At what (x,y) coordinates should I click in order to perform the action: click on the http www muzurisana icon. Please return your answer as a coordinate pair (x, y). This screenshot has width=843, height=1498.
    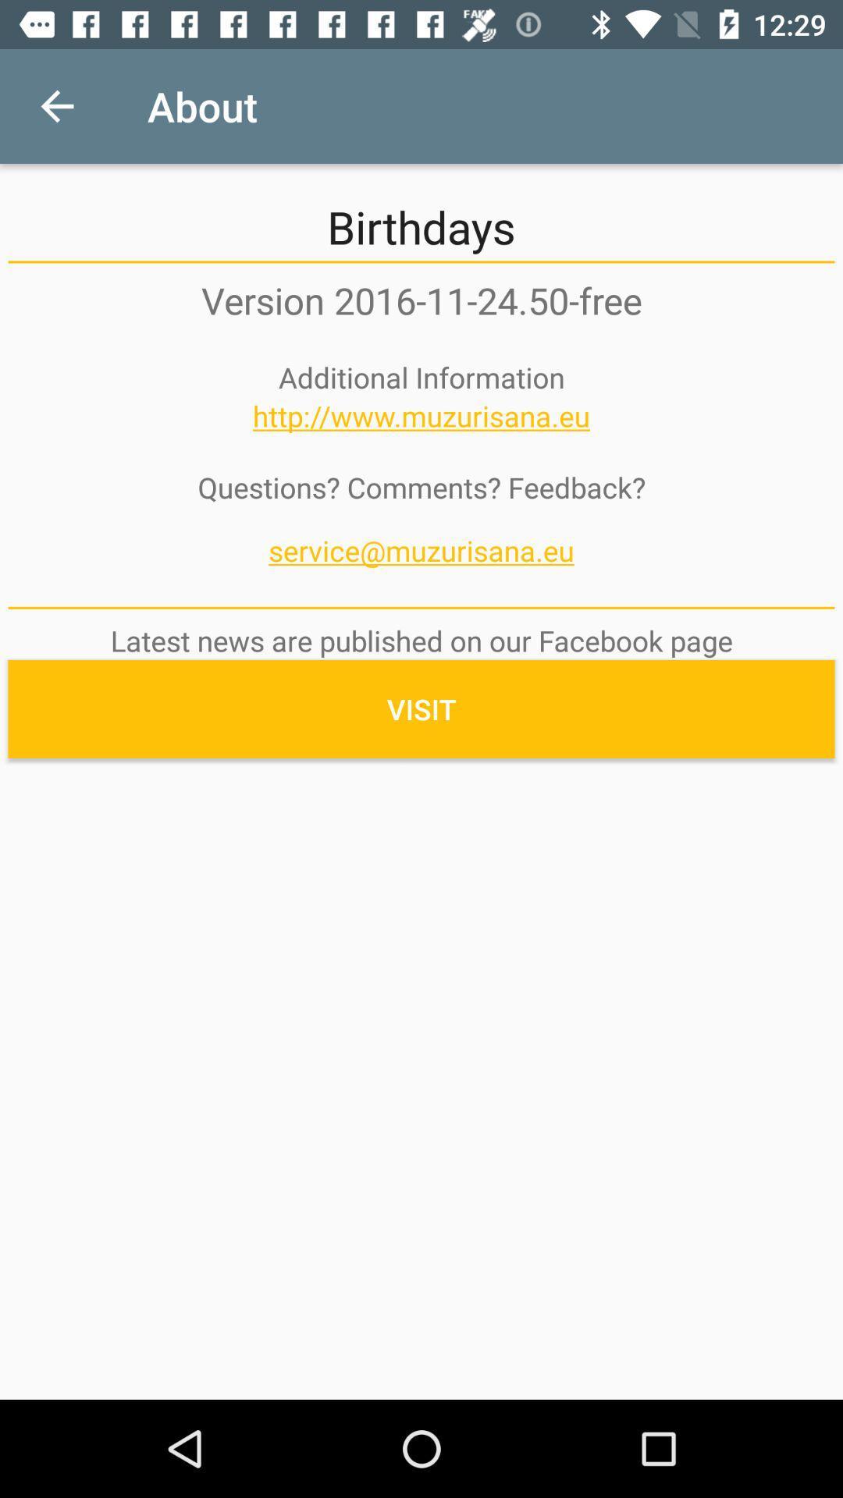
    Looking at the image, I should click on (421, 416).